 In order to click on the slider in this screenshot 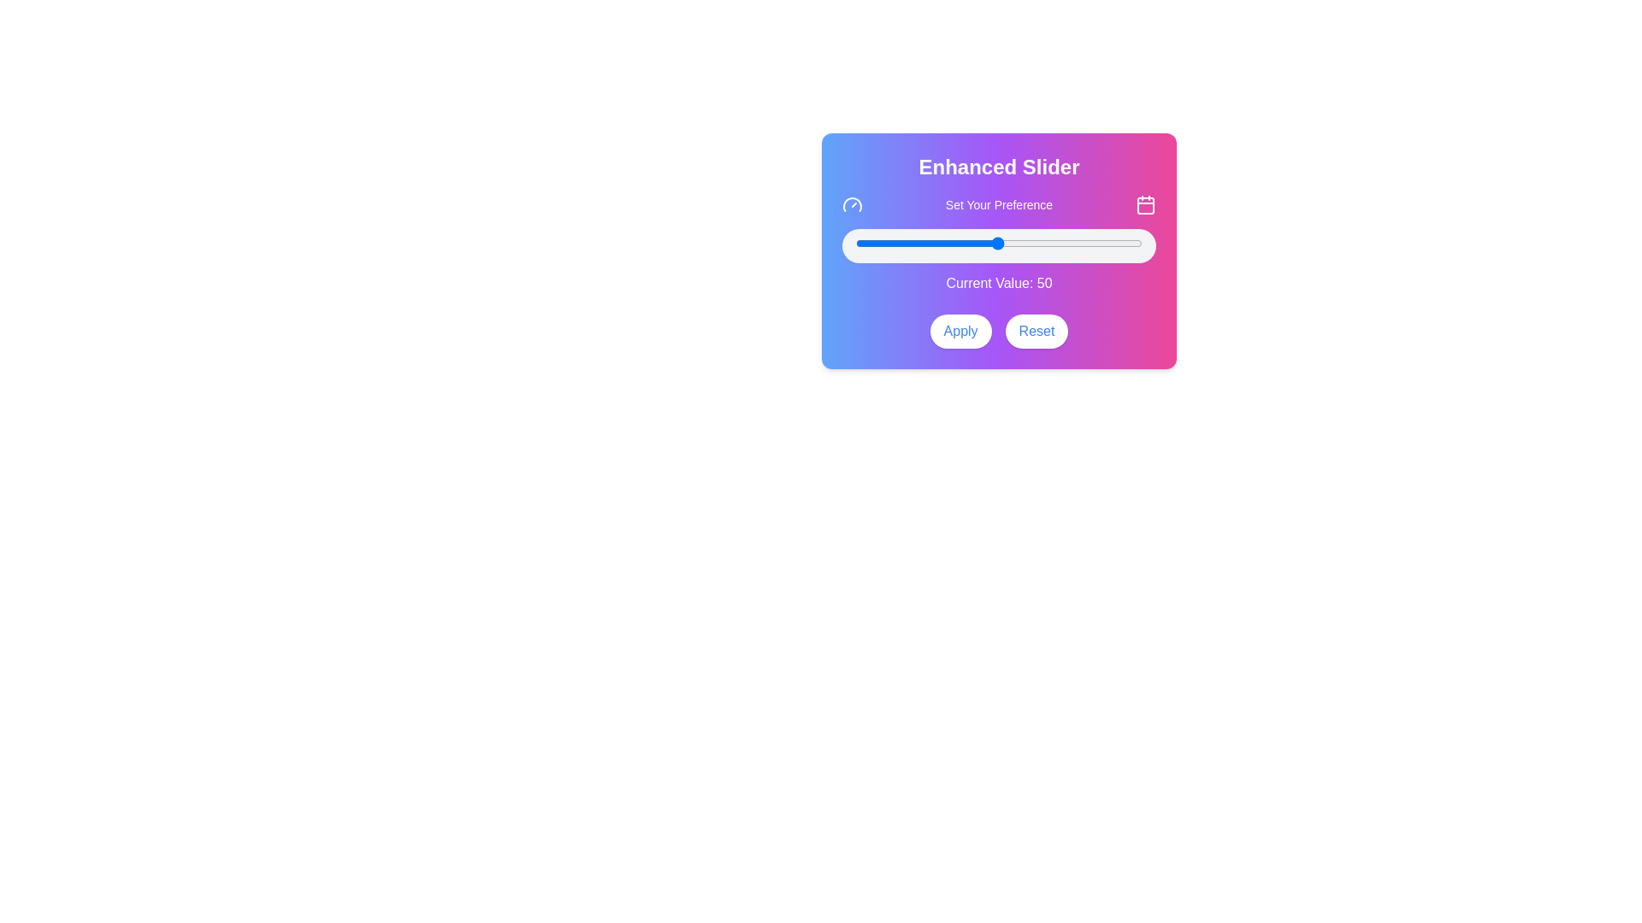, I will do `click(1052, 244)`.